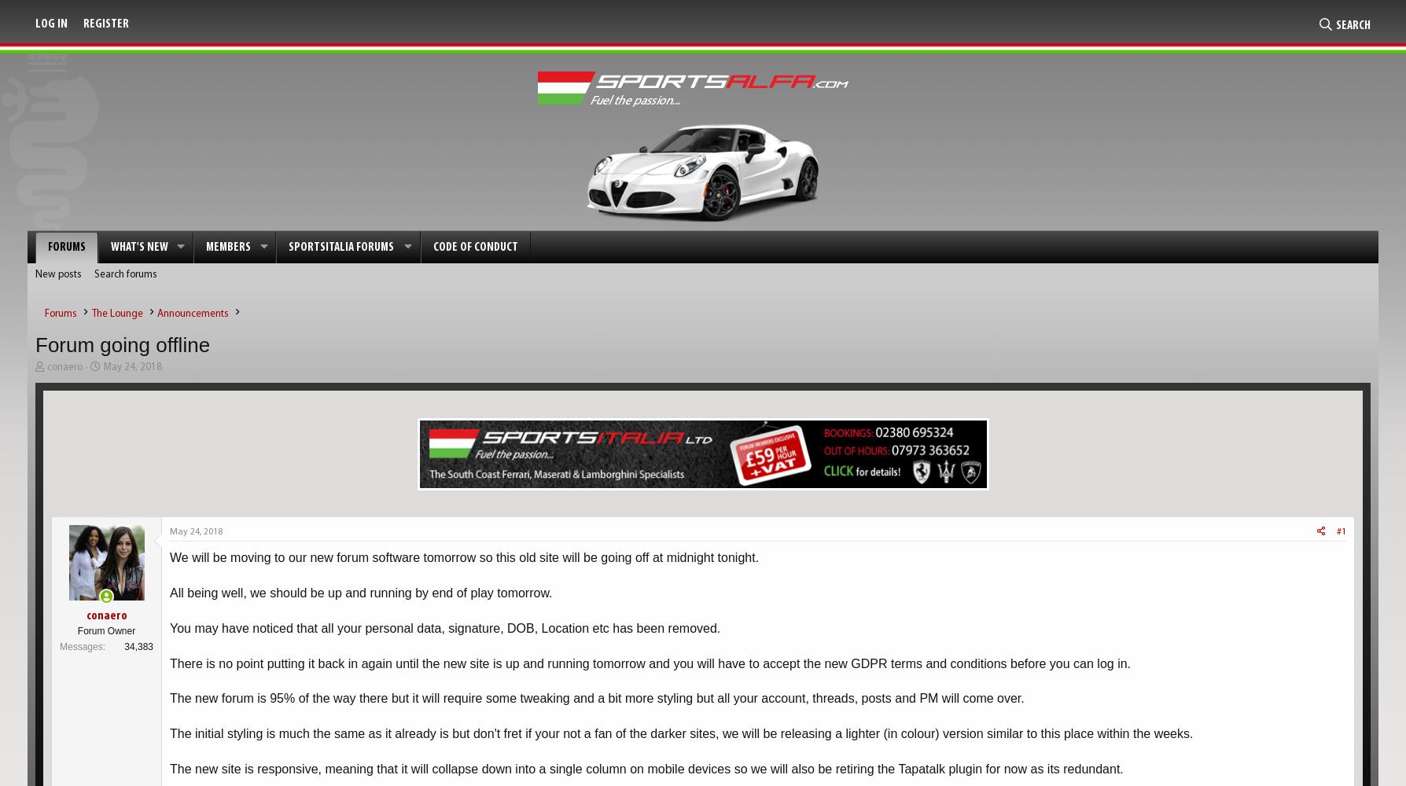 This screenshot has height=786, width=1406. What do you see at coordinates (122, 344) in the screenshot?
I see `'Forum going offline'` at bounding box center [122, 344].